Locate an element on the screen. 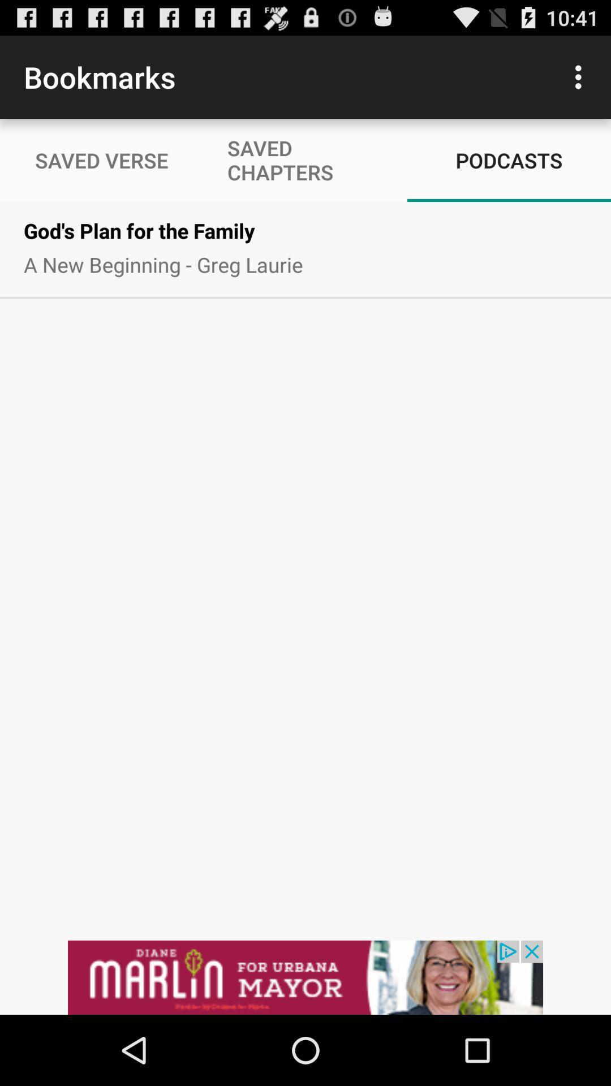 The width and height of the screenshot is (611, 1086). the option is located at coordinates (305, 942).